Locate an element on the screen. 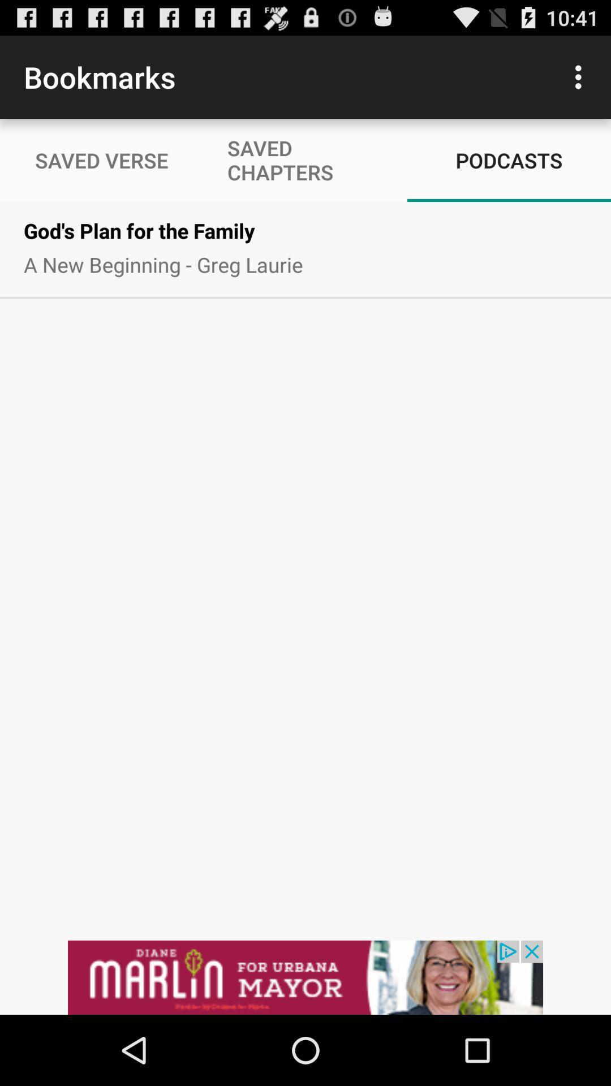 The width and height of the screenshot is (611, 1086). the option is located at coordinates (305, 942).